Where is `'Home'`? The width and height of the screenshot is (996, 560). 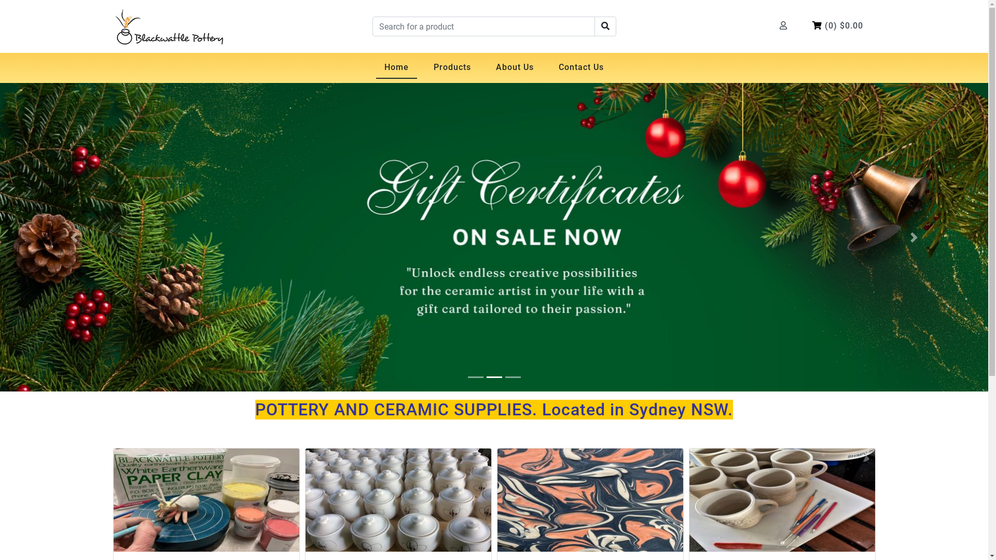
'Home' is located at coordinates (396, 68).